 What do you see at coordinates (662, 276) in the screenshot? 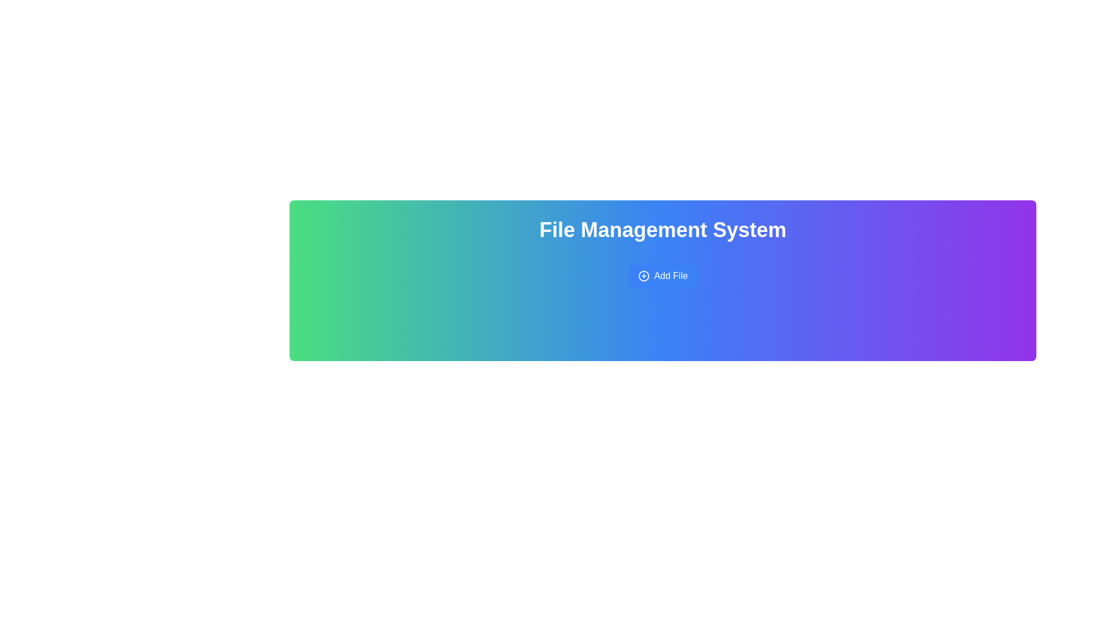
I see `the 'Add File' button, which is a rounded rectangular button with a blue background and a plus sign icon` at bounding box center [662, 276].